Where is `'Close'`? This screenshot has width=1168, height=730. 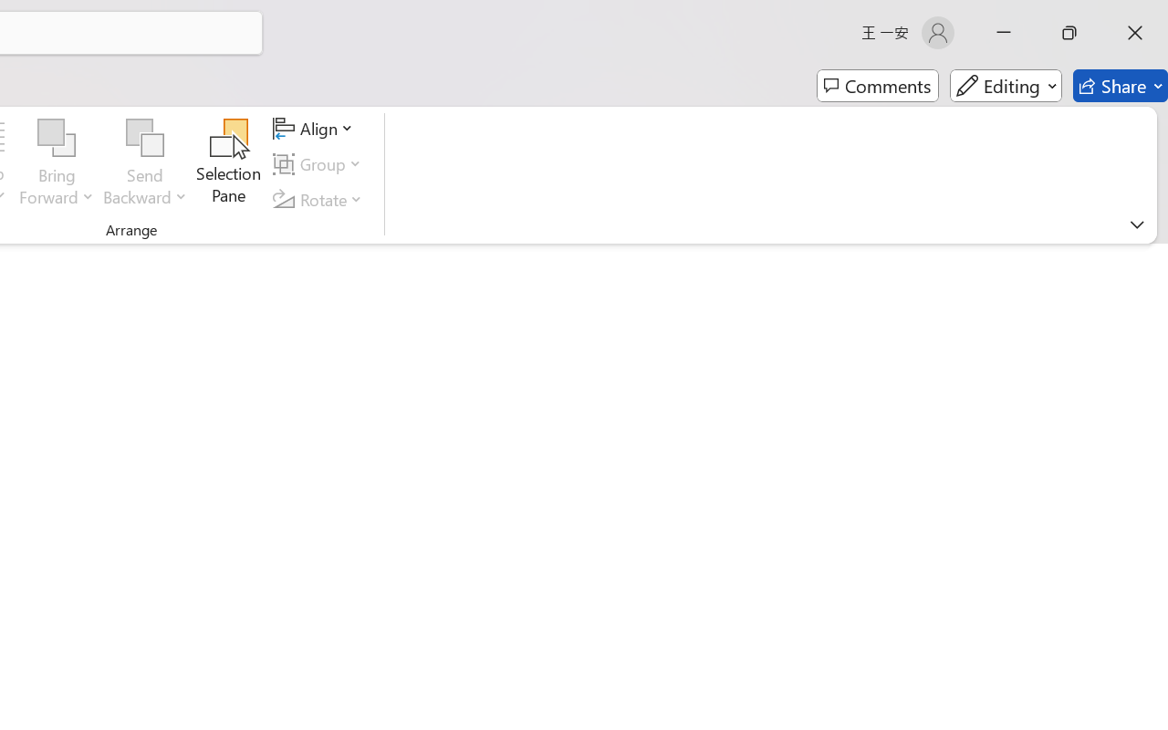
'Close' is located at coordinates (1134, 32).